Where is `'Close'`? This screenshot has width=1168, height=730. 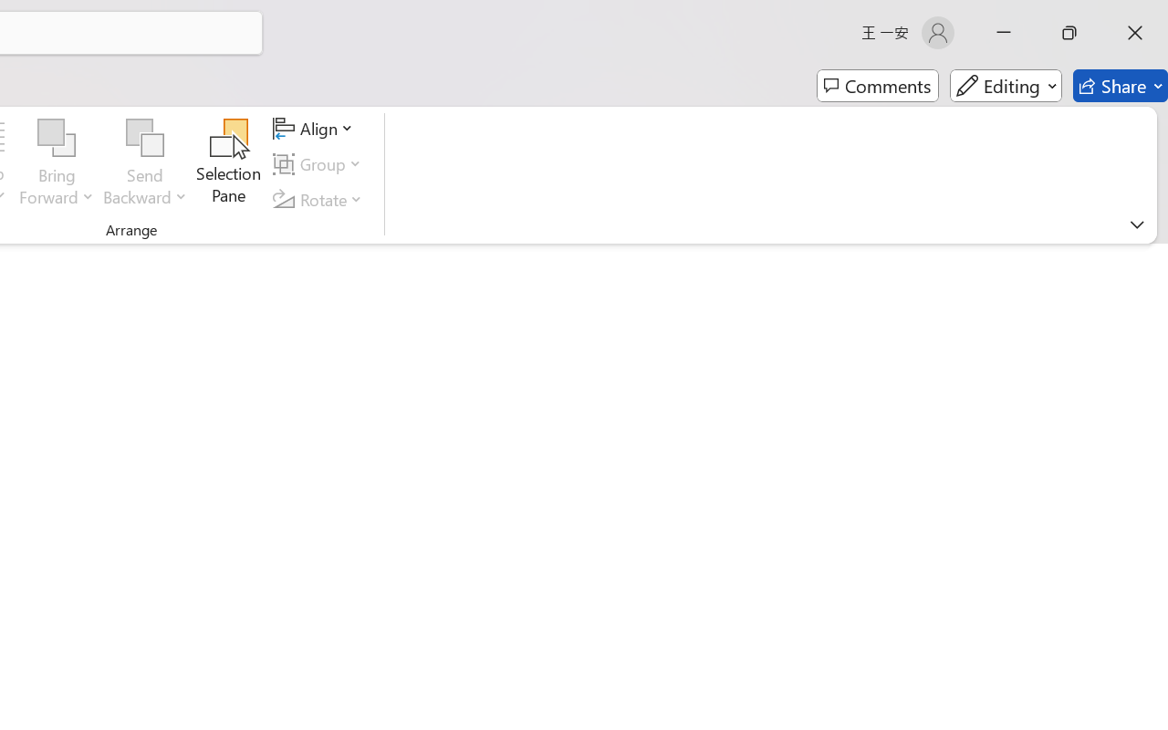
'Close' is located at coordinates (1134, 32).